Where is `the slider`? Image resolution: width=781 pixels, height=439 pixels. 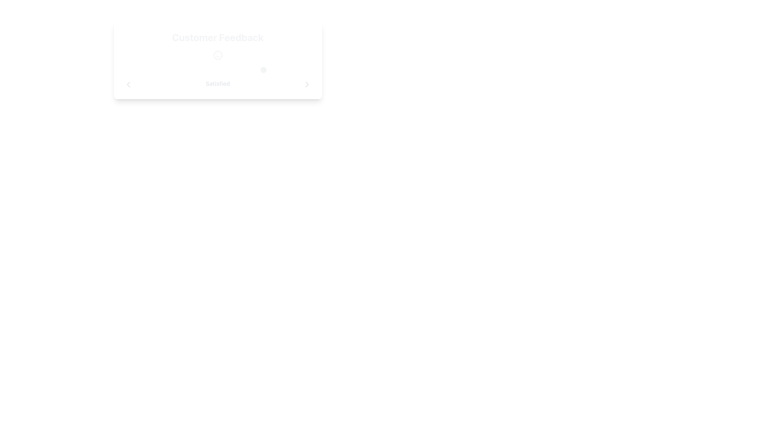
the slider is located at coordinates (265, 70).